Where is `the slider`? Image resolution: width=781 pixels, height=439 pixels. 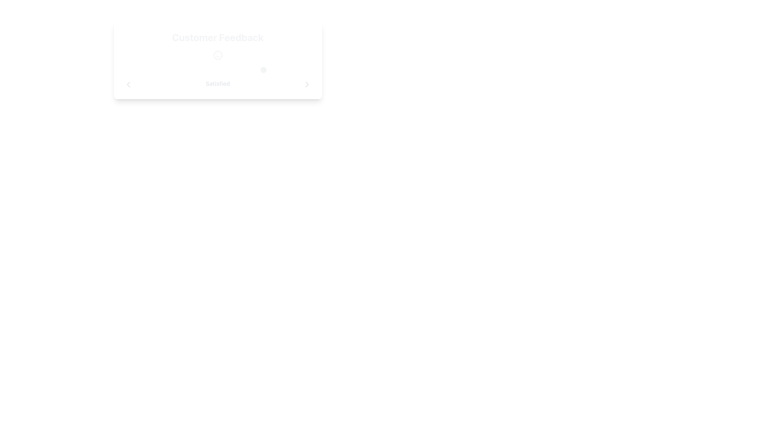
the slider is located at coordinates (265, 70).